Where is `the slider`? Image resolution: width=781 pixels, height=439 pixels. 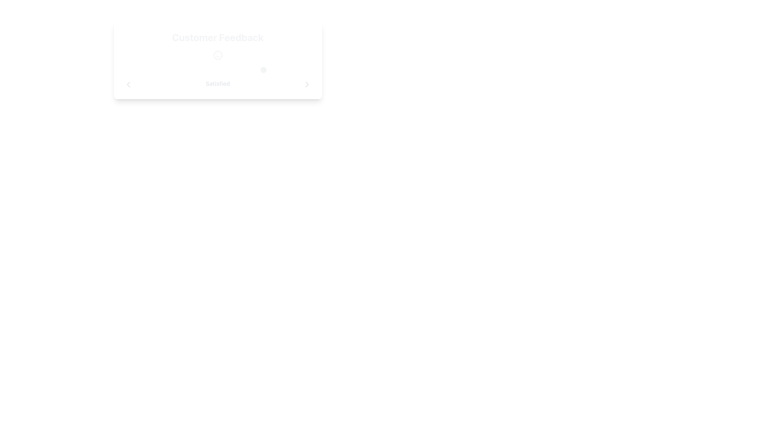
the slider is located at coordinates (265, 70).